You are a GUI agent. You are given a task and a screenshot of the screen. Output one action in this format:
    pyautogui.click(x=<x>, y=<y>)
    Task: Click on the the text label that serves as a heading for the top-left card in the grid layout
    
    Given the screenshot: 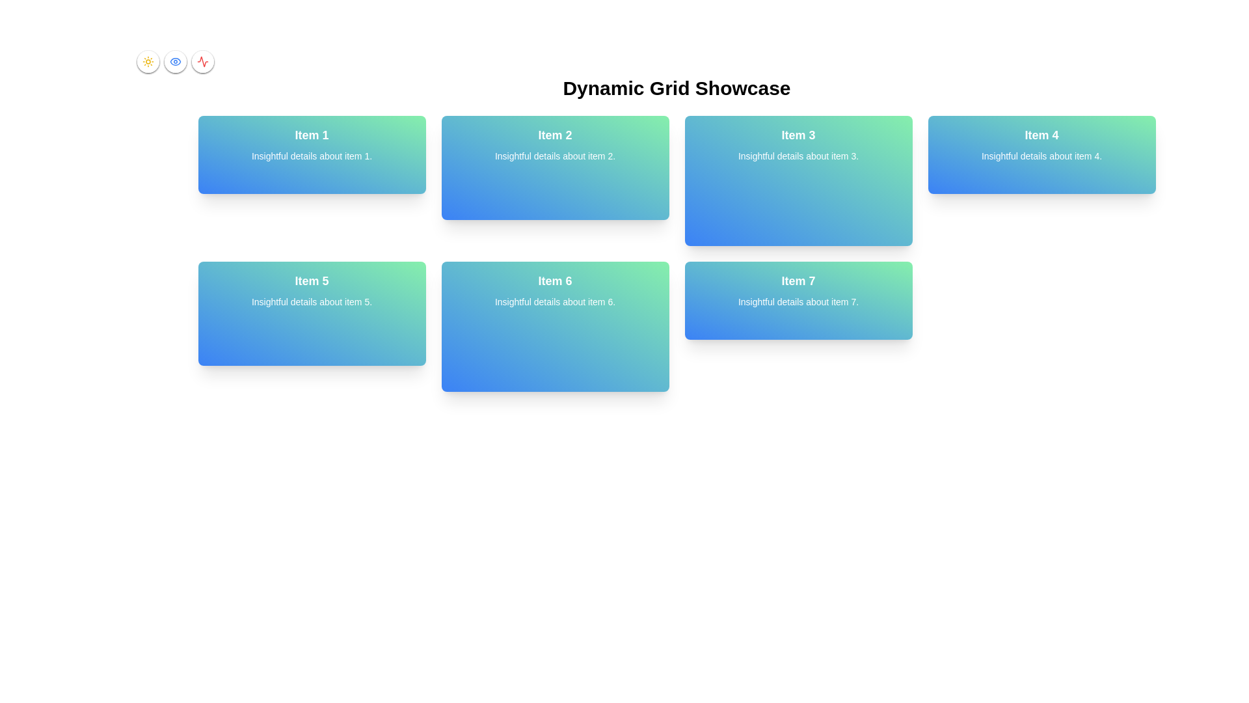 What is the action you would take?
    pyautogui.click(x=311, y=135)
    